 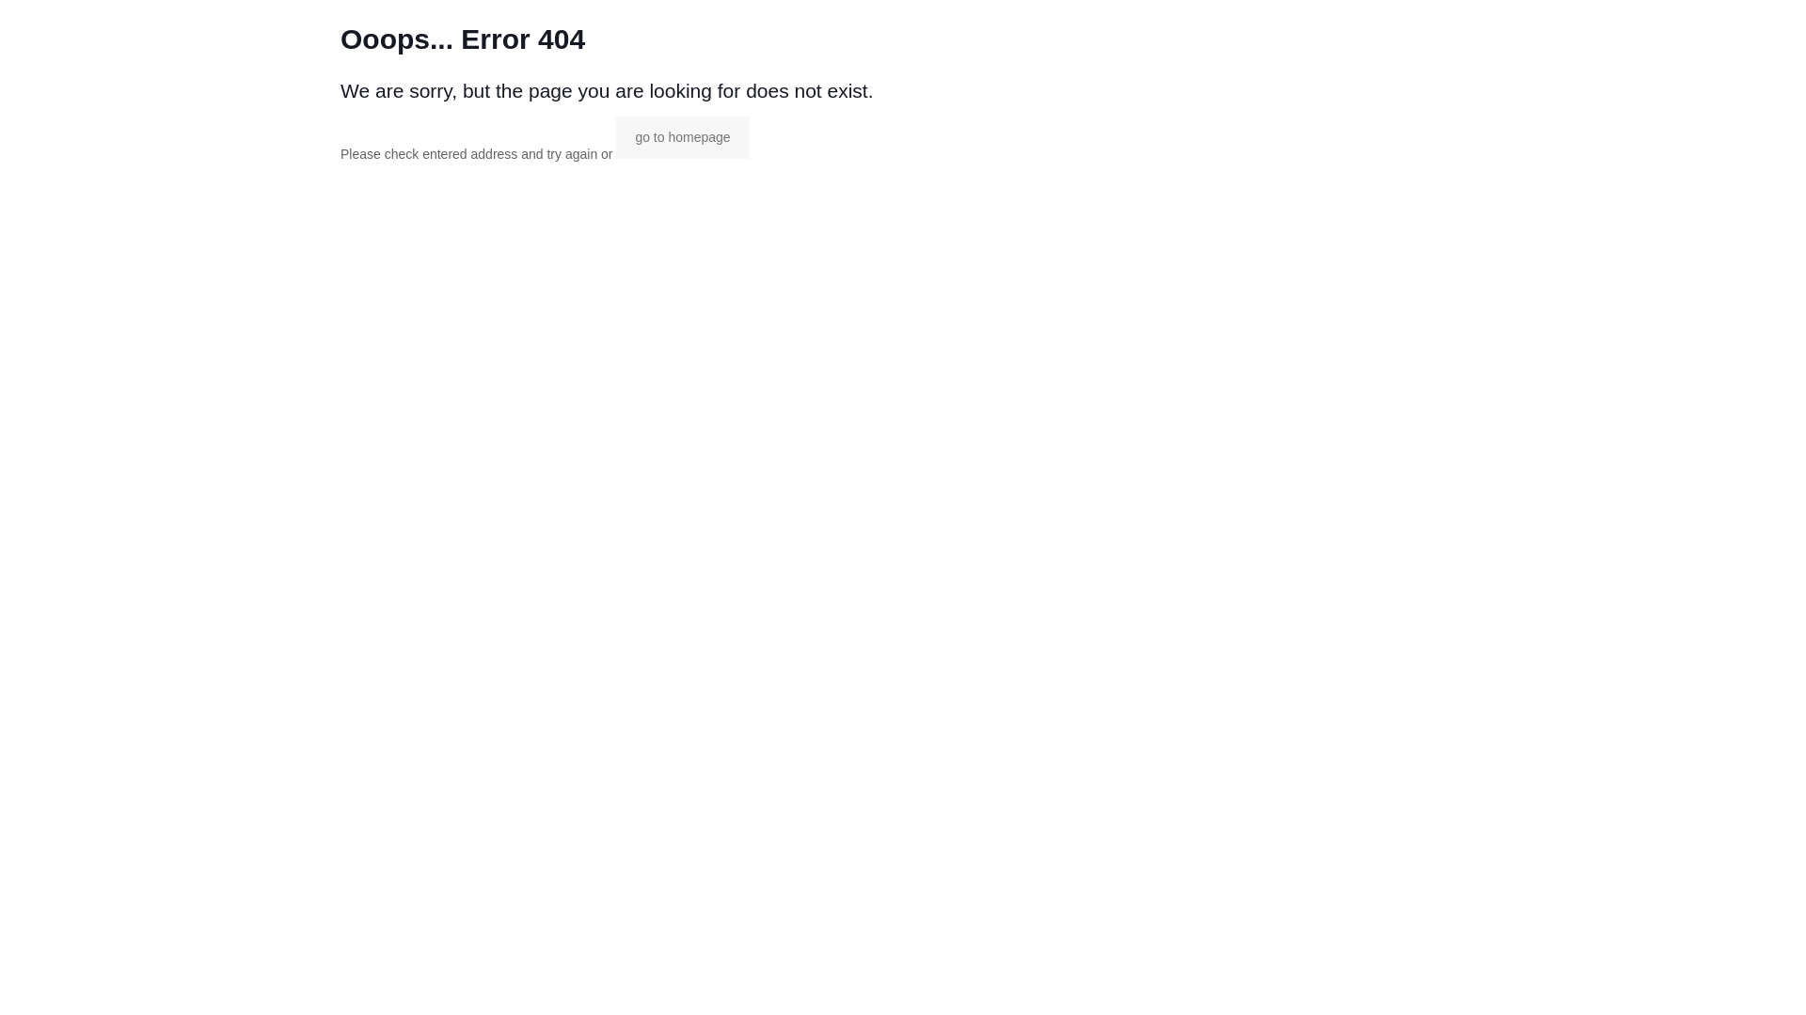 I want to click on 'go to homepage', so click(x=681, y=136).